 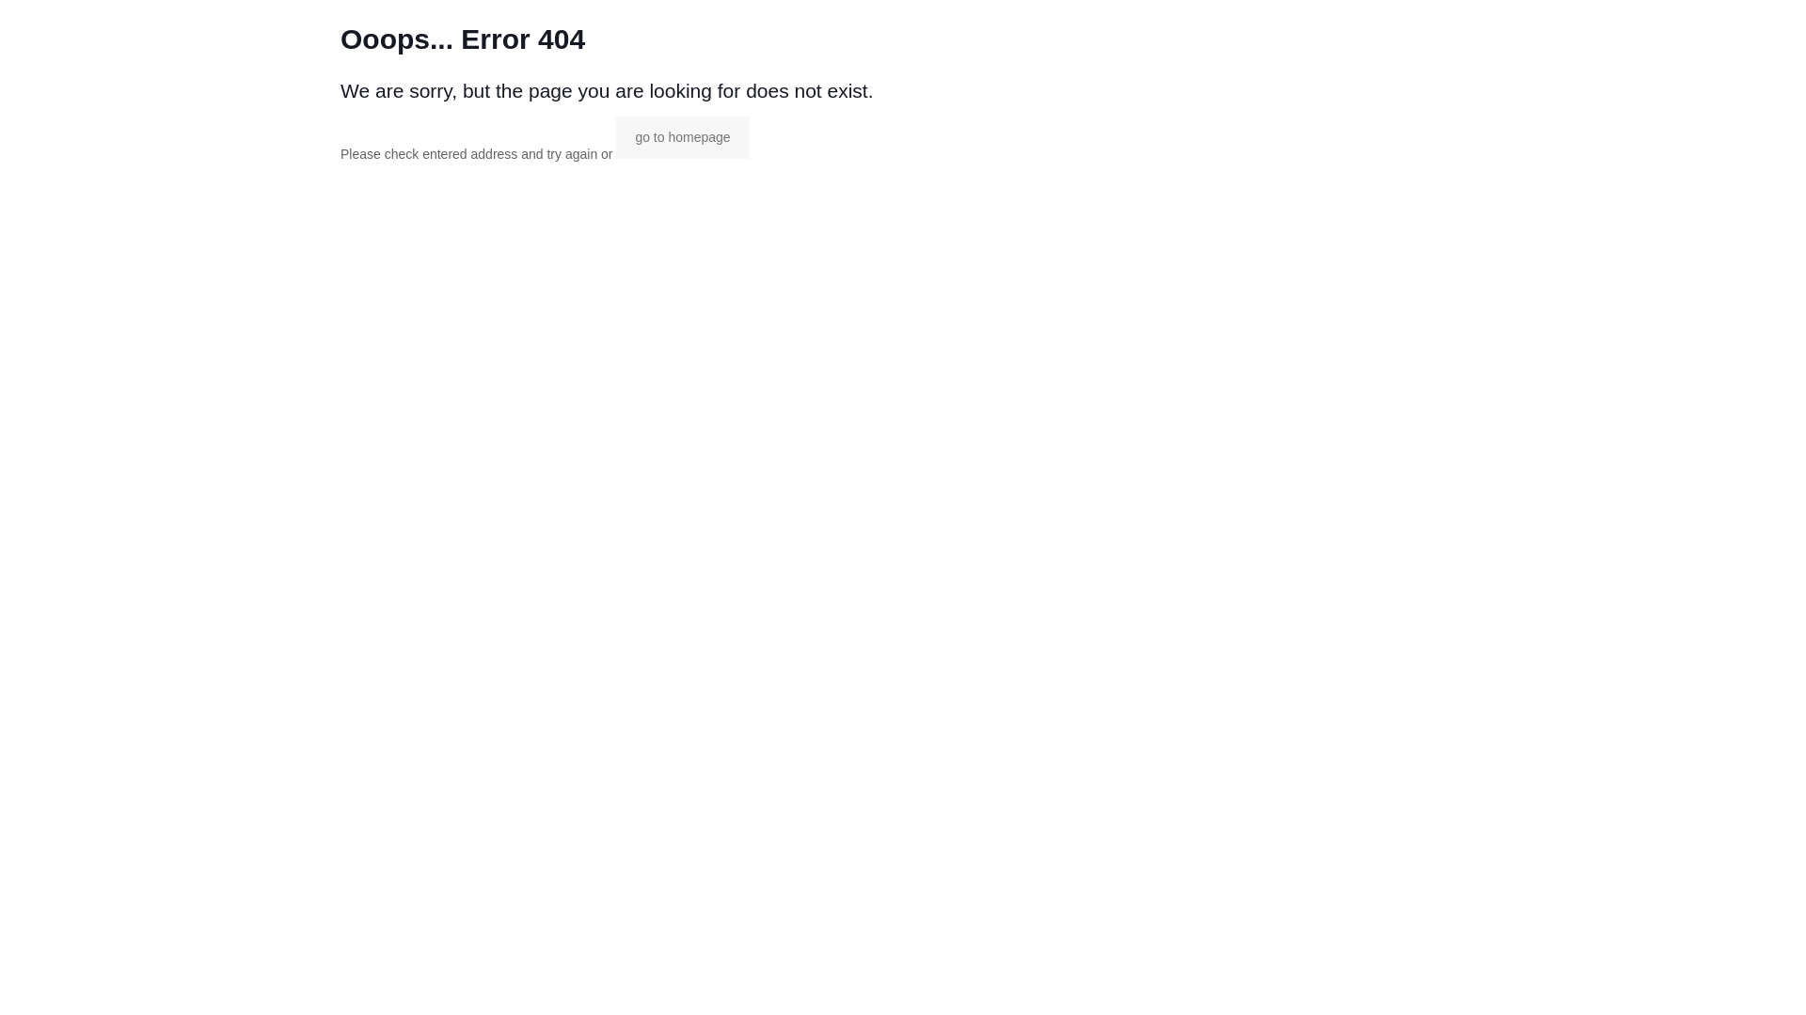 I want to click on 'go to homepage', so click(x=681, y=136).